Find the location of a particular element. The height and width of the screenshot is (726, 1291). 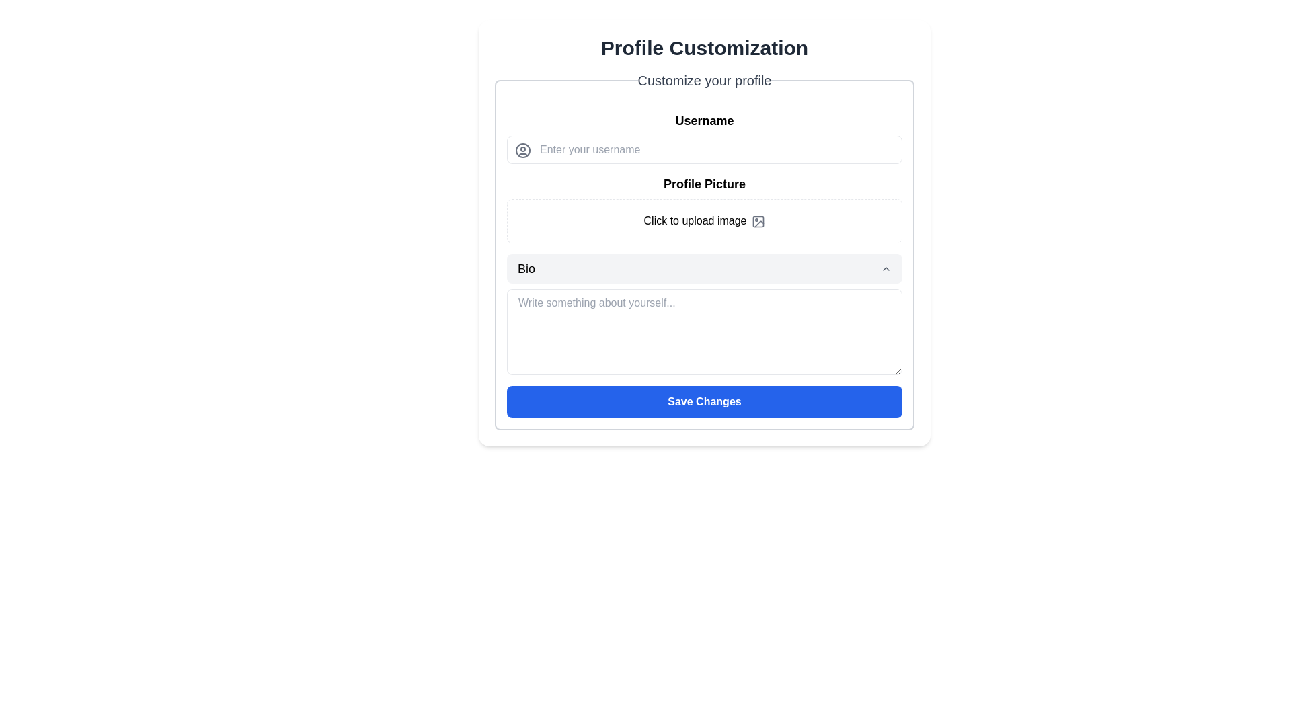

the Text Label that serves as a descriptive title or heading for the profile customization section, positioned above the 'Username' field and 'Profile Picture' is located at coordinates (703, 80).